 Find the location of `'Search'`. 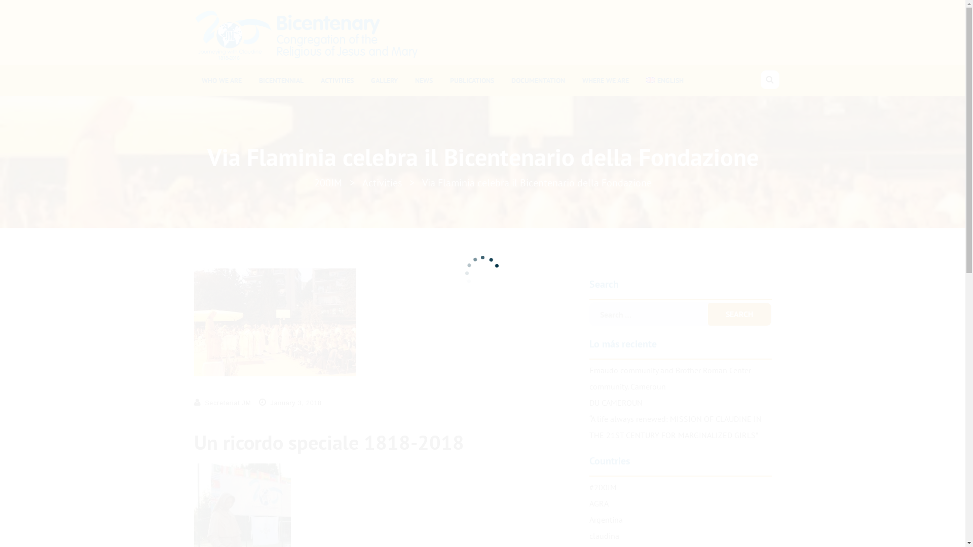

'Search' is located at coordinates (739, 314).